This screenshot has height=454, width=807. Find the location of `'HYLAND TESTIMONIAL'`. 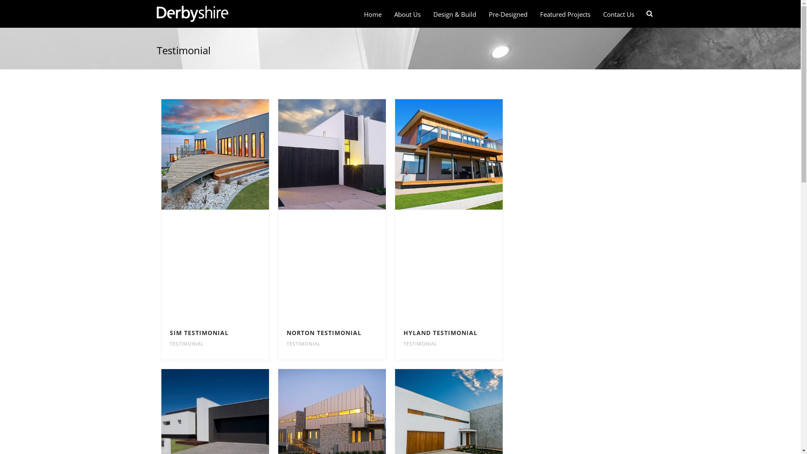

'HYLAND TESTIMONIAL' is located at coordinates (440, 332).